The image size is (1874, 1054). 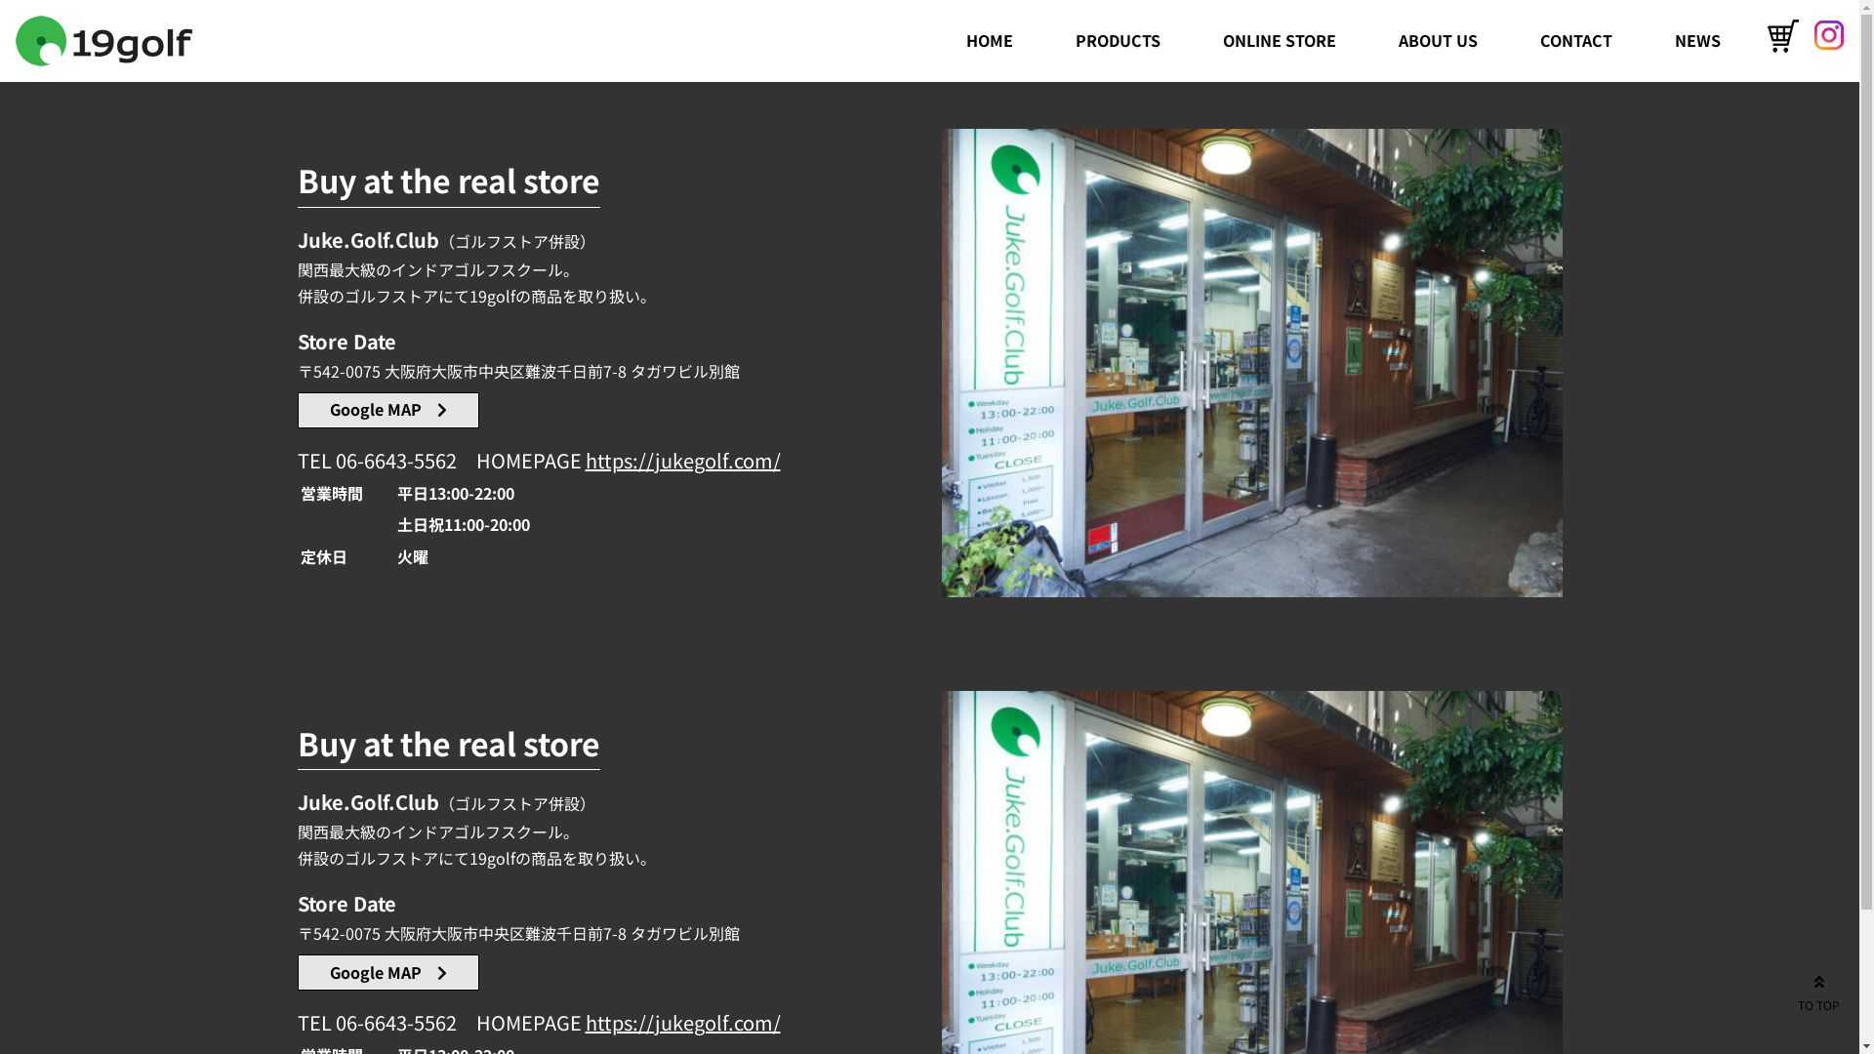 What do you see at coordinates (1696, 40) in the screenshot?
I see `'NEWS'` at bounding box center [1696, 40].